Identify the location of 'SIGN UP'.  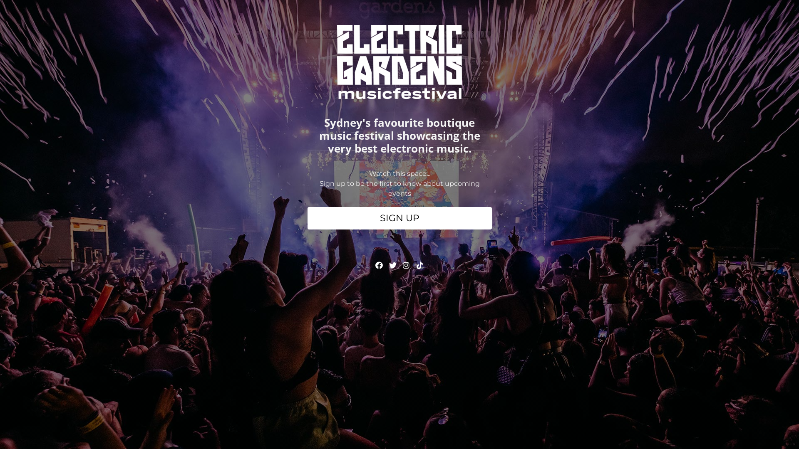
(399, 217).